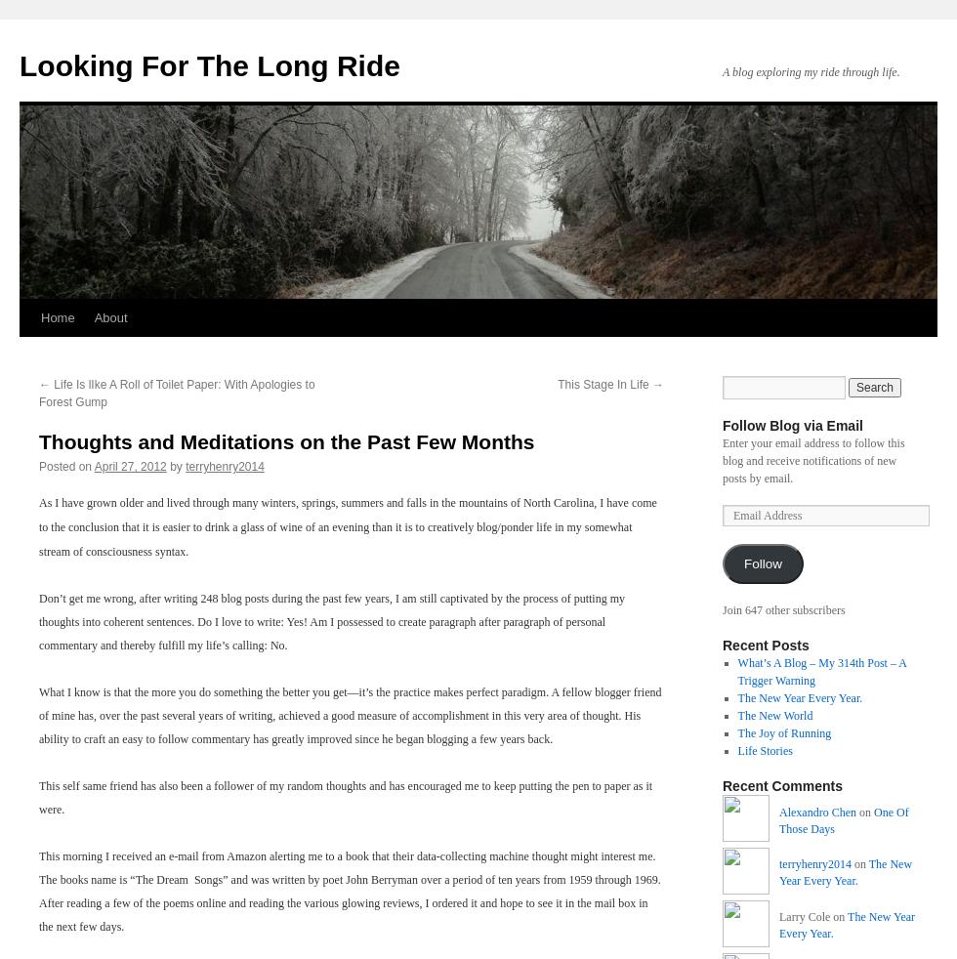  Describe the element at coordinates (722, 426) in the screenshot. I see `'Follow Blog via Email'` at that location.